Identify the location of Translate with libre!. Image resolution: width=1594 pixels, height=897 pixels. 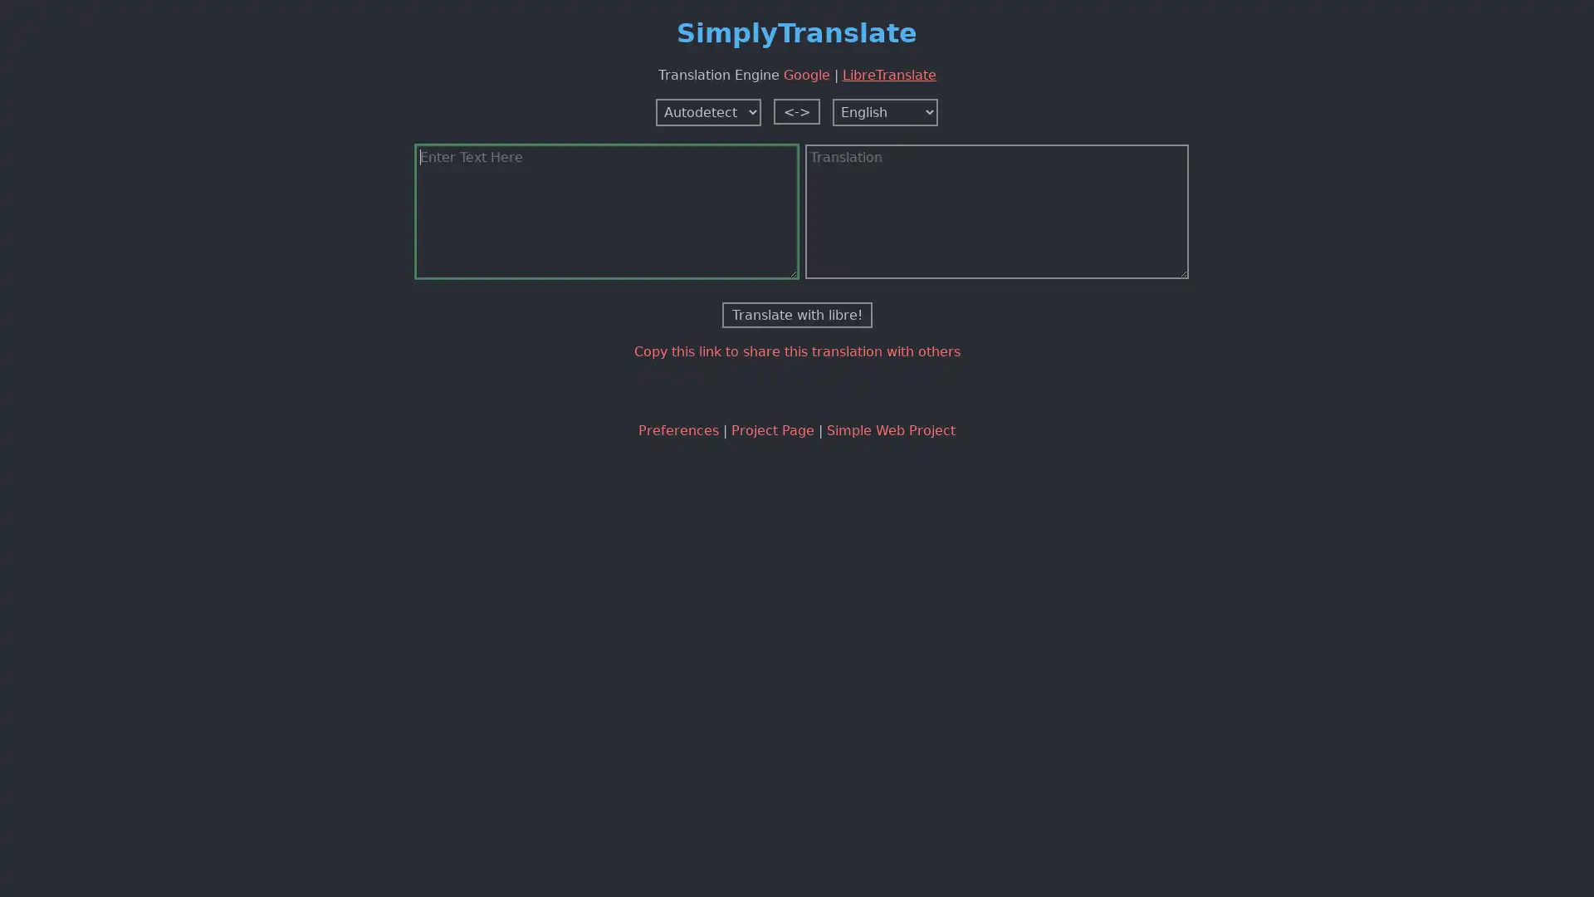
(795, 314).